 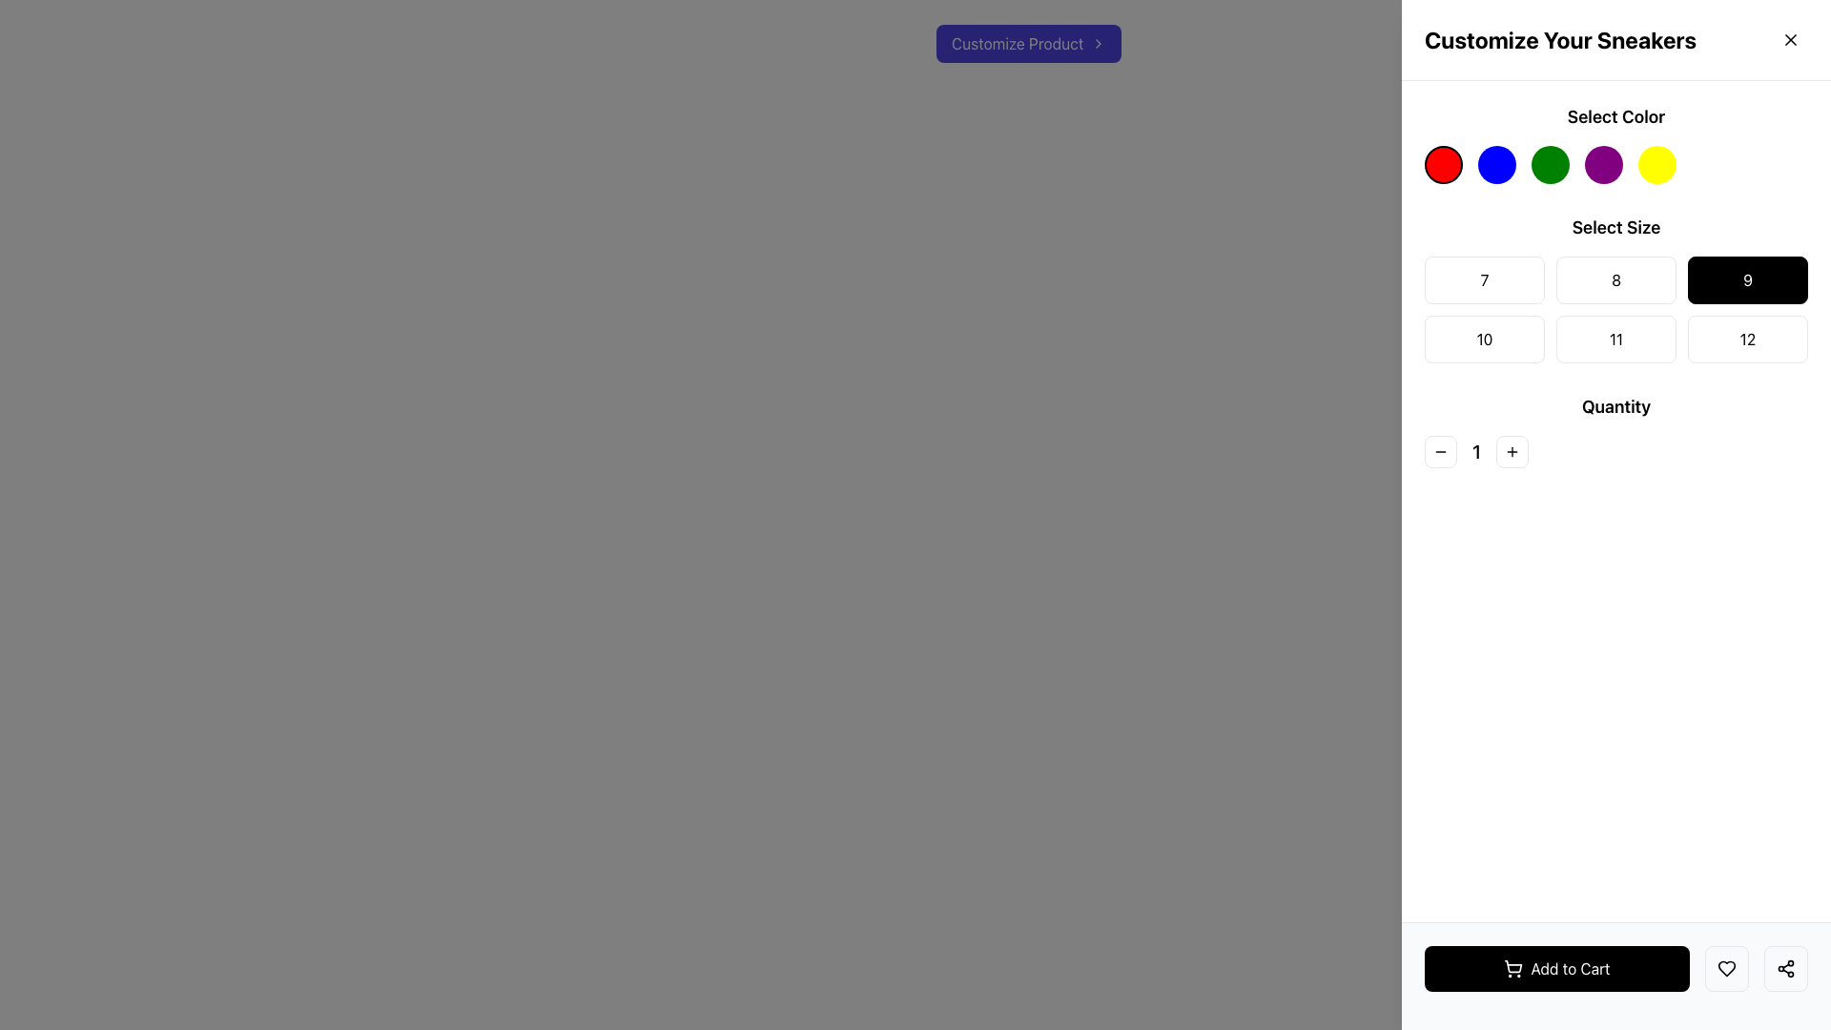 I want to click on the icon button with a plus sign symbol located in the quantity adjustment region, so click(x=1512, y=452).